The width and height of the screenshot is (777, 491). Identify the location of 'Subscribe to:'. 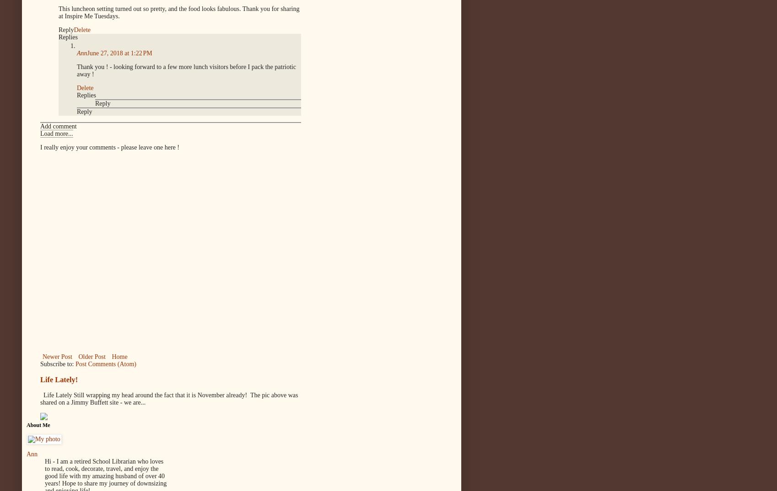
(57, 363).